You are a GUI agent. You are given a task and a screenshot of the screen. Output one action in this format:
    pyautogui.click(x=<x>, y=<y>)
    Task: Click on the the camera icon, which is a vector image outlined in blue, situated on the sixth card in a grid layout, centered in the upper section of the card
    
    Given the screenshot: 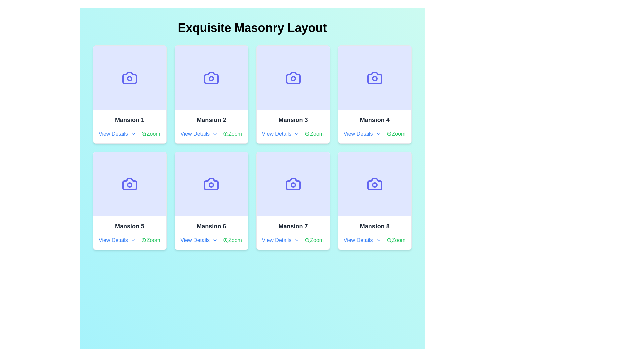 What is the action you would take?
    pyautogui.click(x=211, y=184)
    